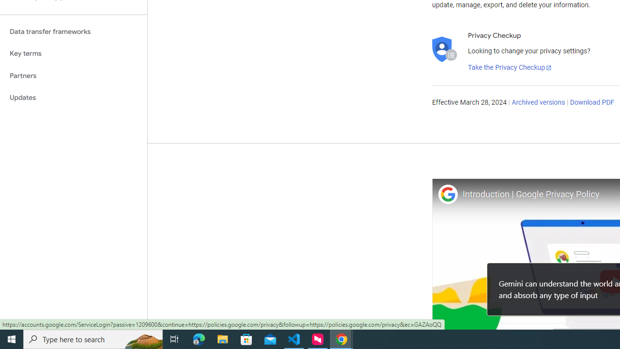  What do you see at coordinates (73, 31) in the screenshot?
I see `'Data transfer frameworks'` at bounding box center [73, 31].